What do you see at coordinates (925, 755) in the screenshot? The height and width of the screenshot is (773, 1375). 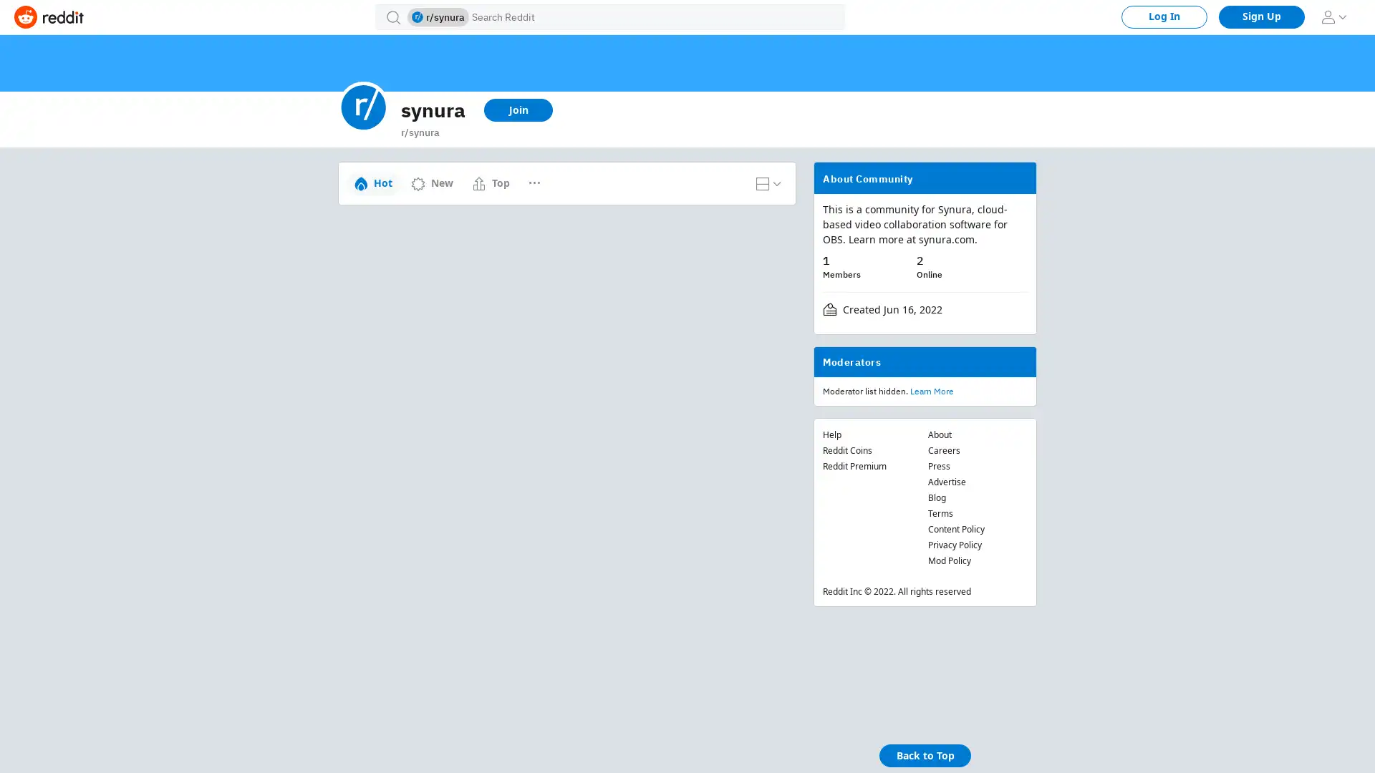 I see `Back to Top` at bounding box center [925, 755].